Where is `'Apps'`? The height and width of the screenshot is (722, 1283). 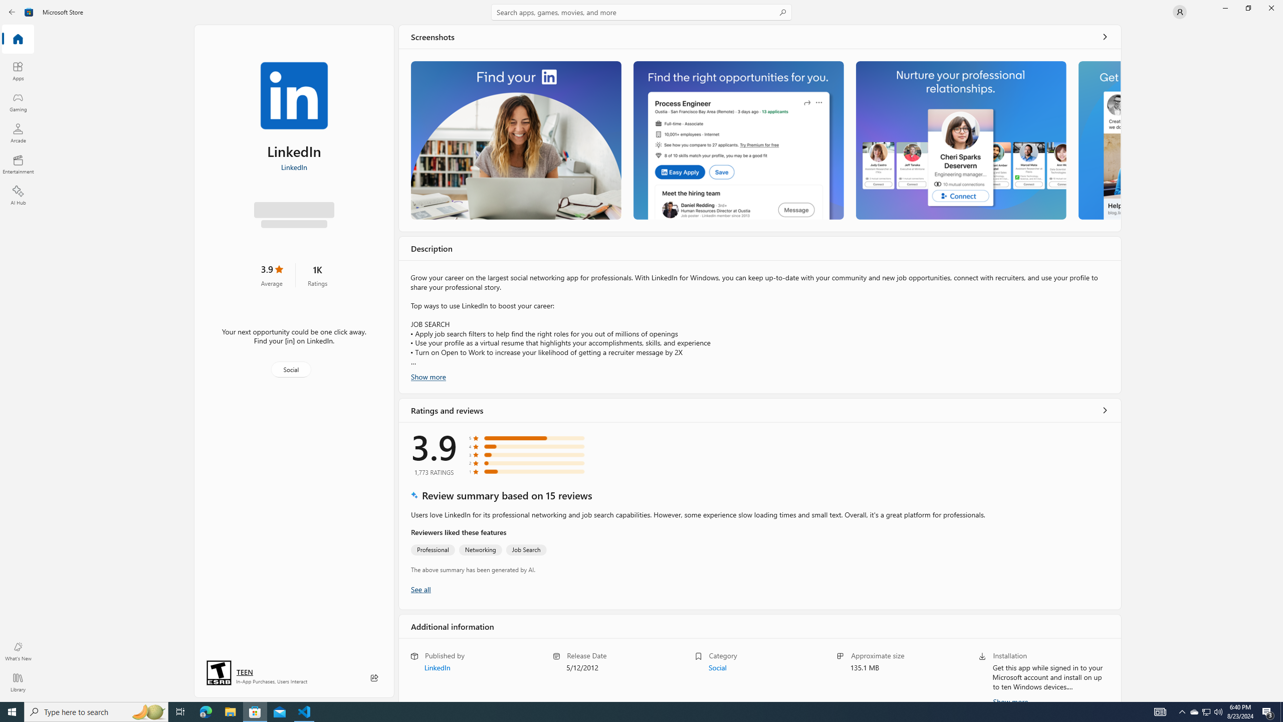 'Apps' is located at coordinates (17, 71).